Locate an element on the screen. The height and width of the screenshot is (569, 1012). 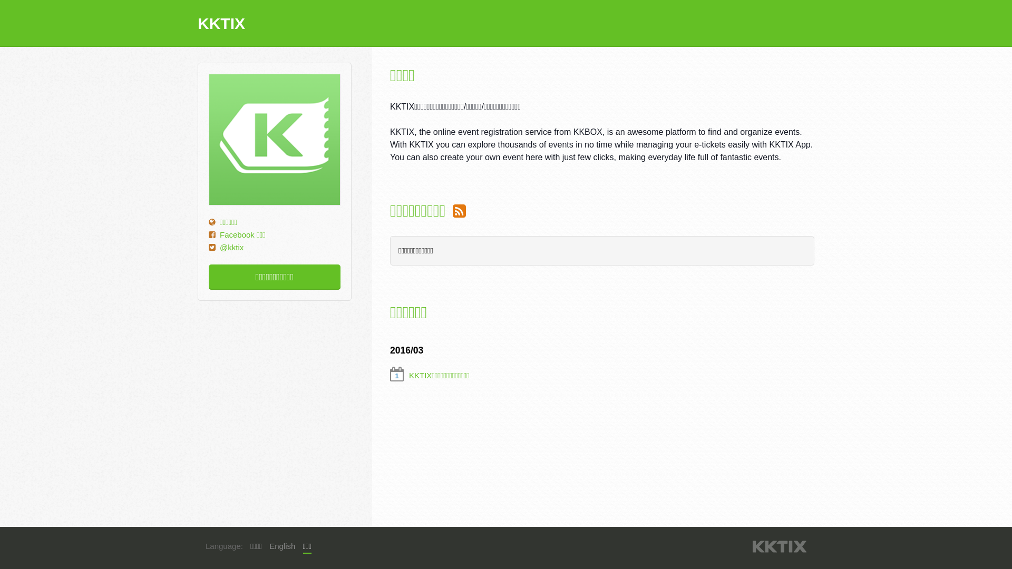
'Organization Events RSS' is located at coordinates (453, 211).